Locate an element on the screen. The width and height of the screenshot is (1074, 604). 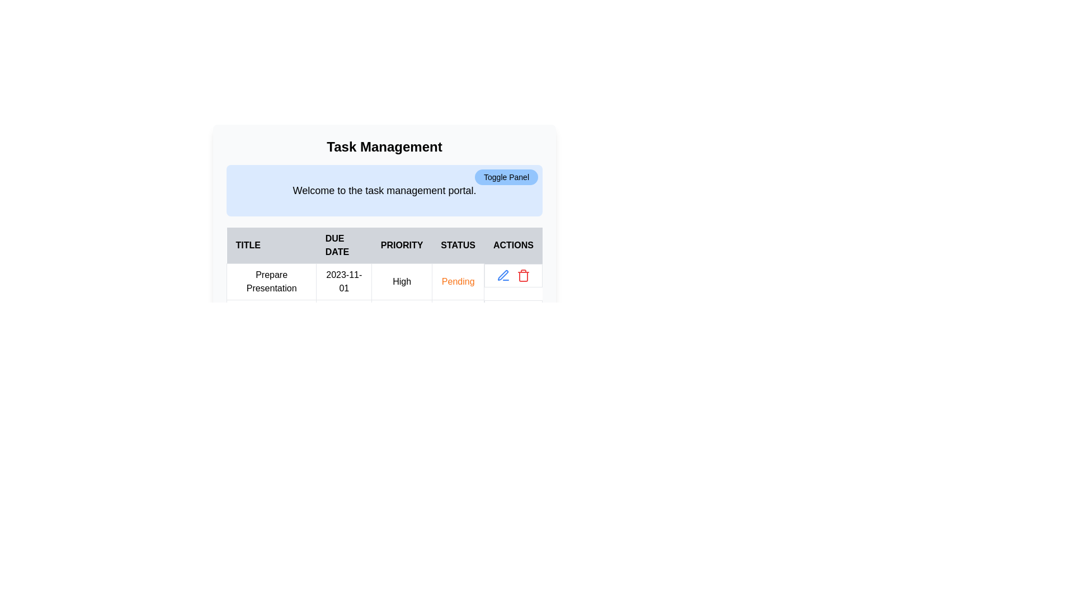
the static text label indicating 'Status' in the fourth column of the table header, positioned between 'PRIORITY' and 'ACTIONS' is located at coordinates (458, 245).